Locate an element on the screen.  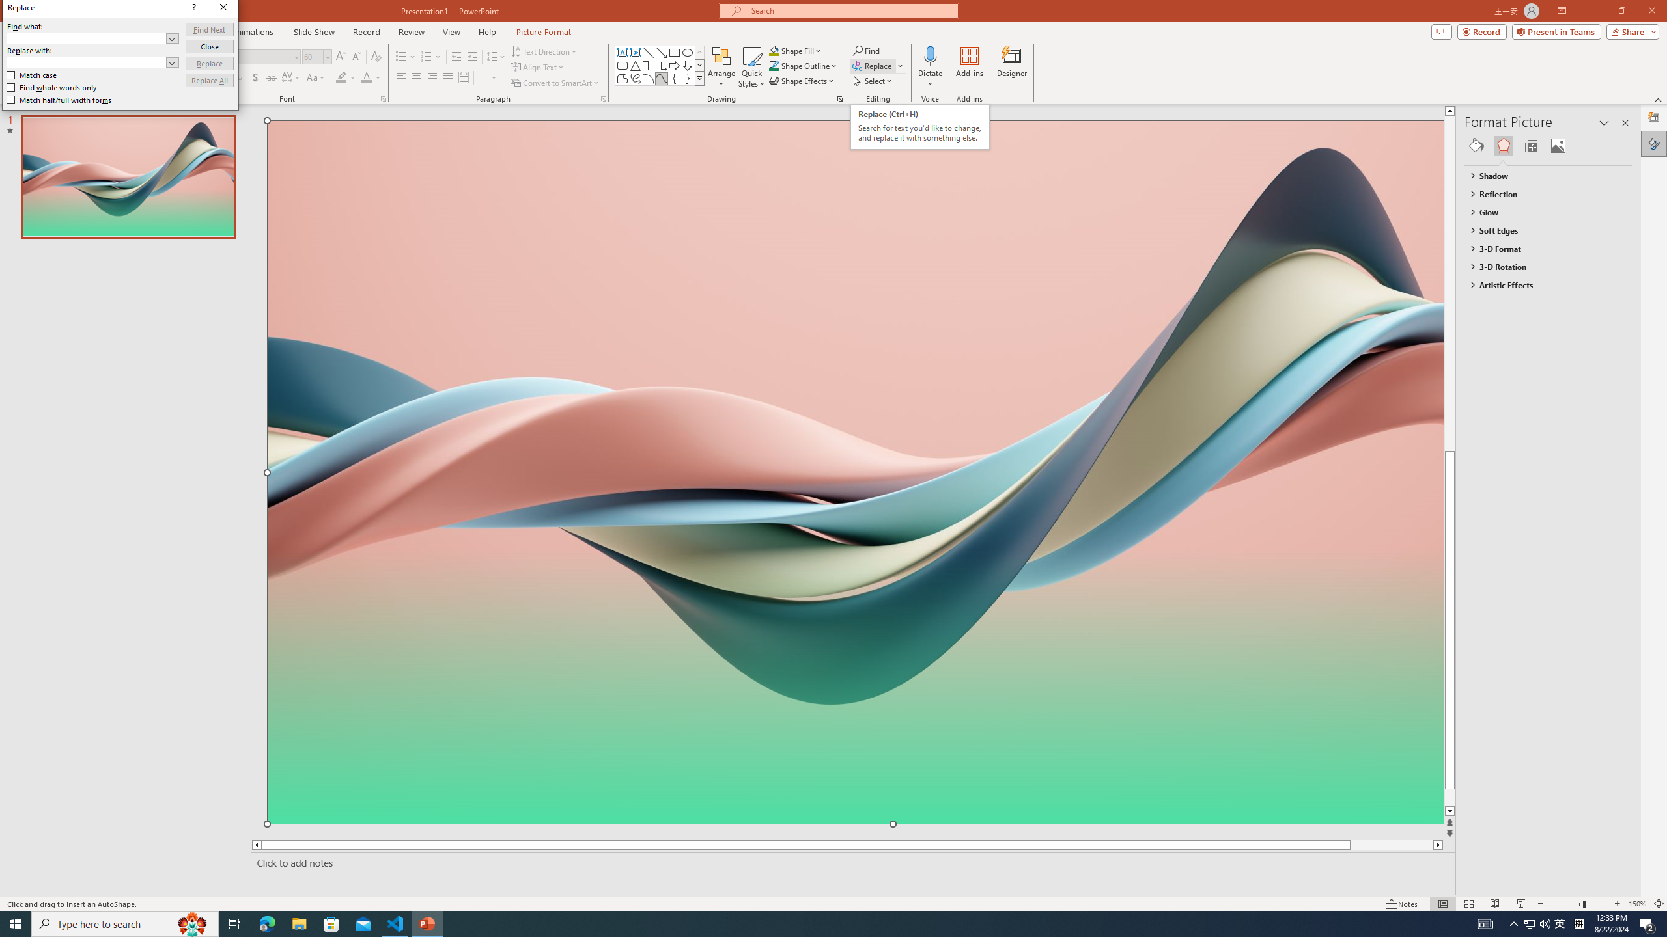
'Class: NetUIScrollBar' is located at coordinates (1625, 526).